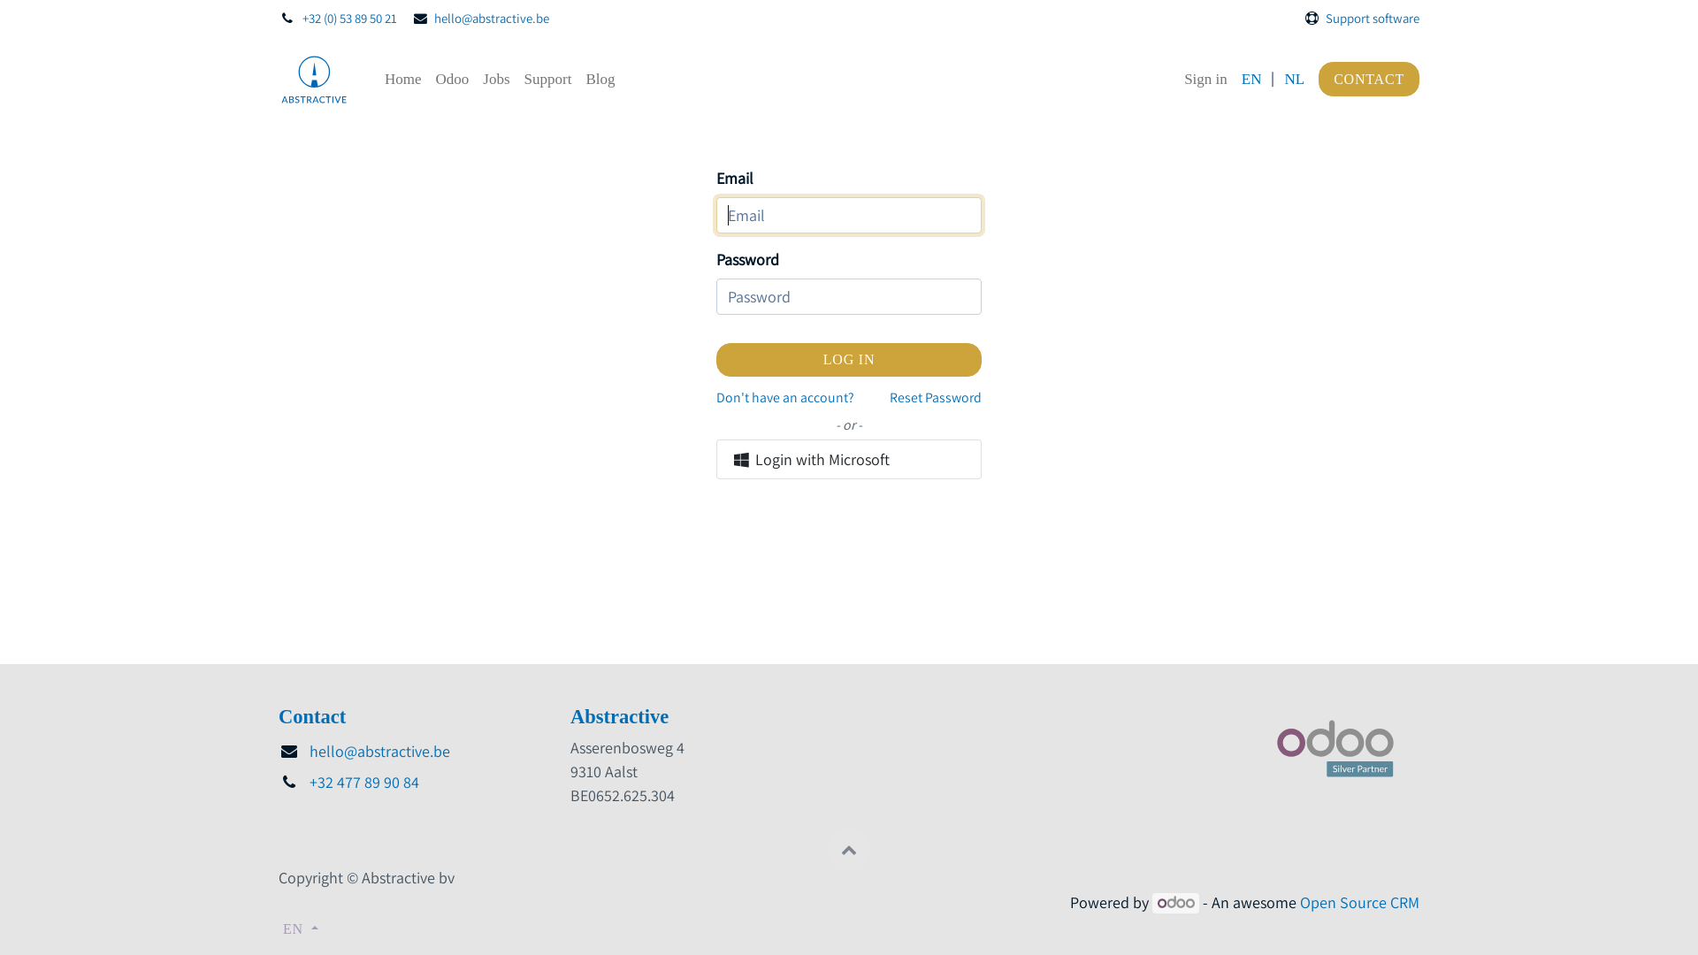 The width and height of the screenshot is (1698, 955). I want to click on 'Don't have an account?', so click(784, 398).